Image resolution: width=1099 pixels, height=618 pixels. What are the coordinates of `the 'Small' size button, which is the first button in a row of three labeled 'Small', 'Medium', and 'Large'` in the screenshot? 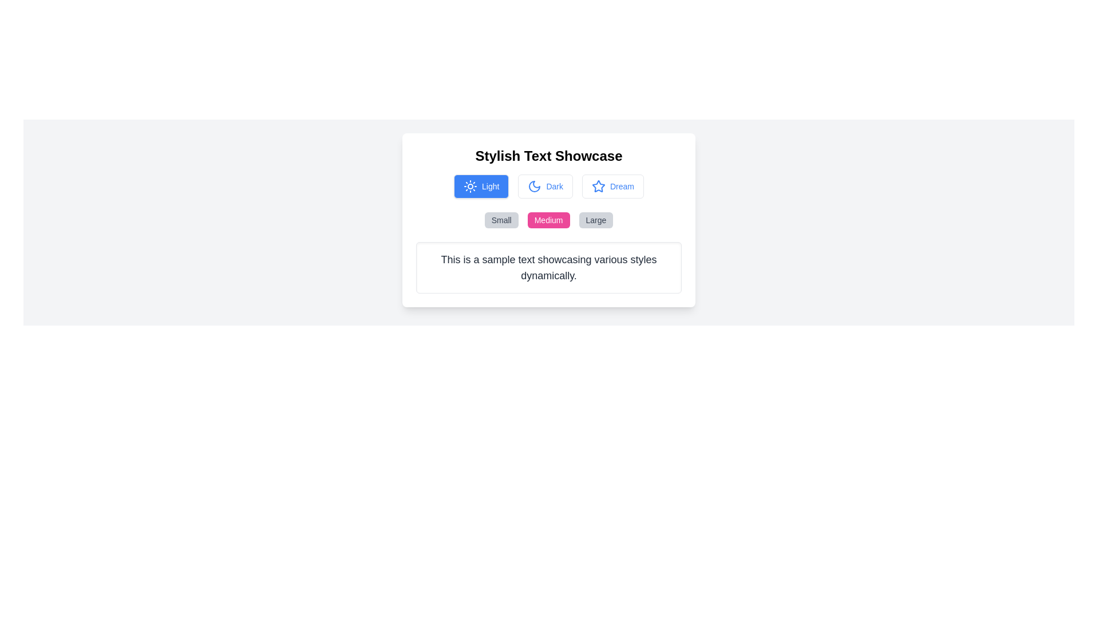 It's located at (501, 220).